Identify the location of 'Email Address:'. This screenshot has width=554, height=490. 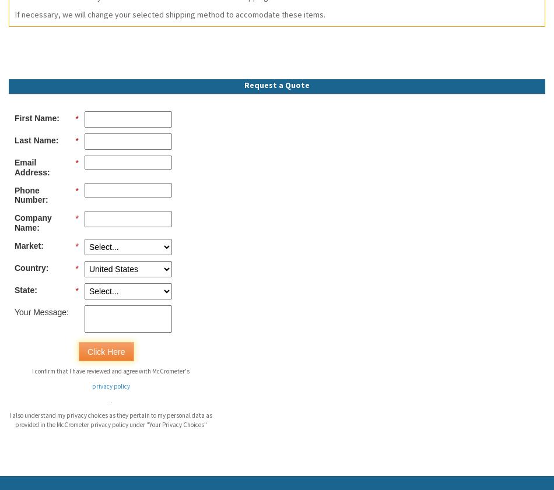
(32, 166).